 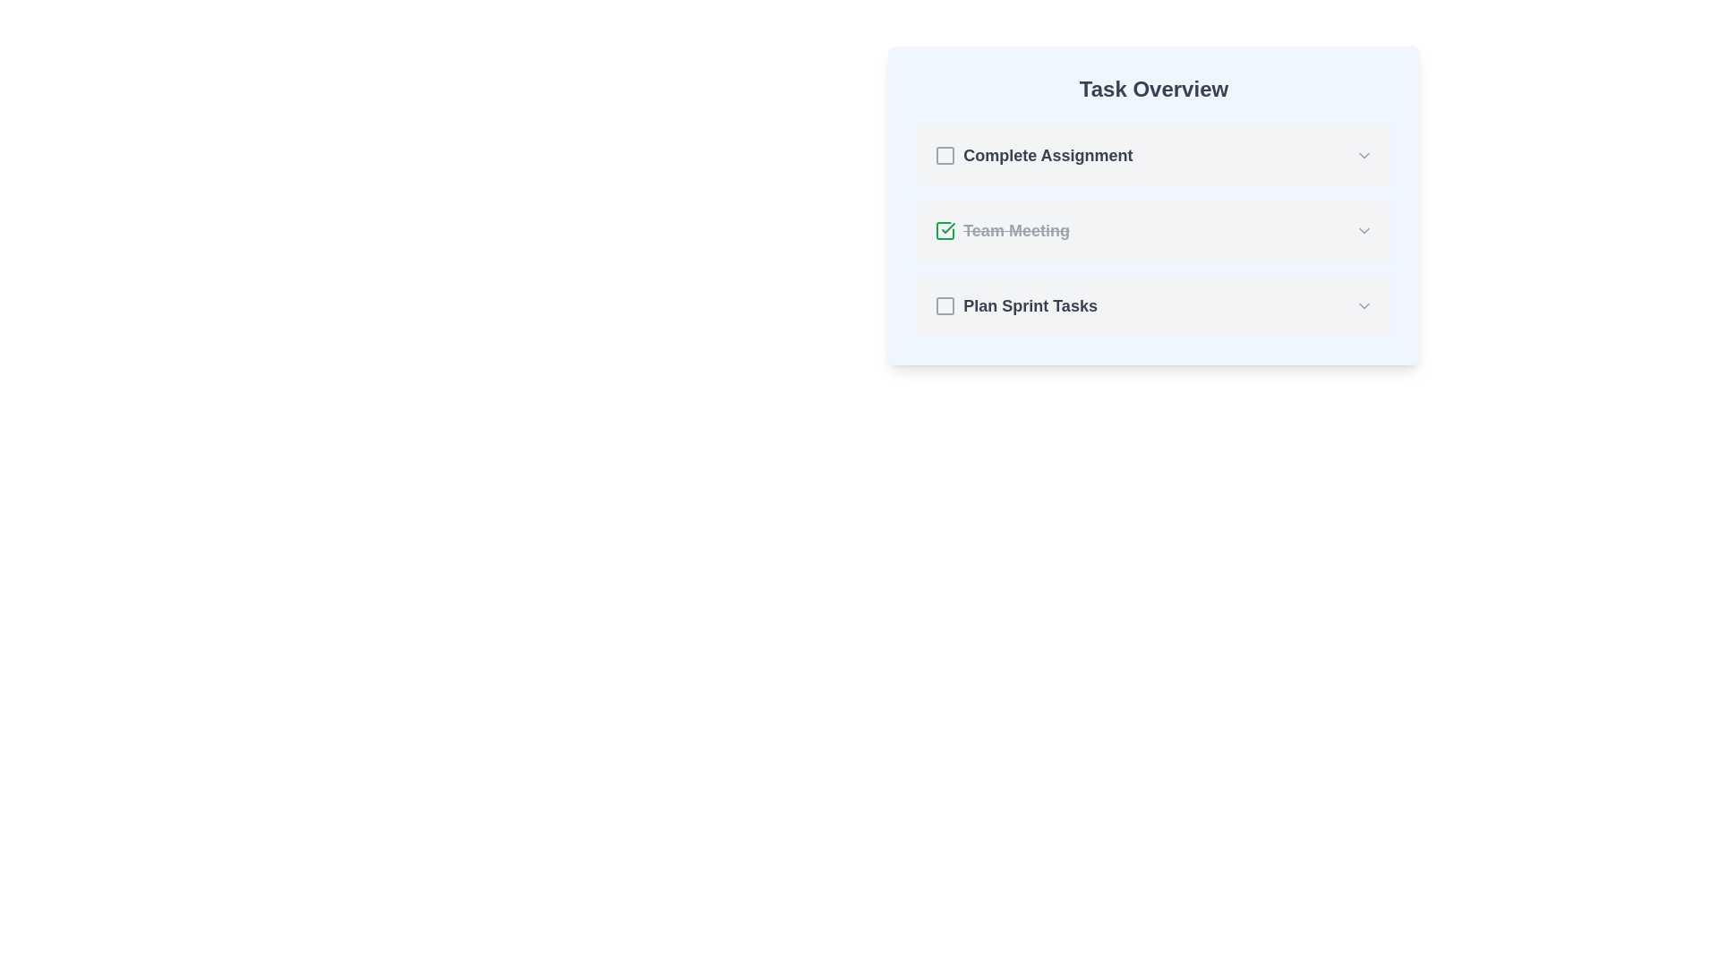 What do you see at coordinates (1016, 230) in the screenshot?
I see `the text label reading 'Team Meeting', which is styled with a strikethrough and medium gray color, indicating its completed status` at bounding box center [1016, 230].